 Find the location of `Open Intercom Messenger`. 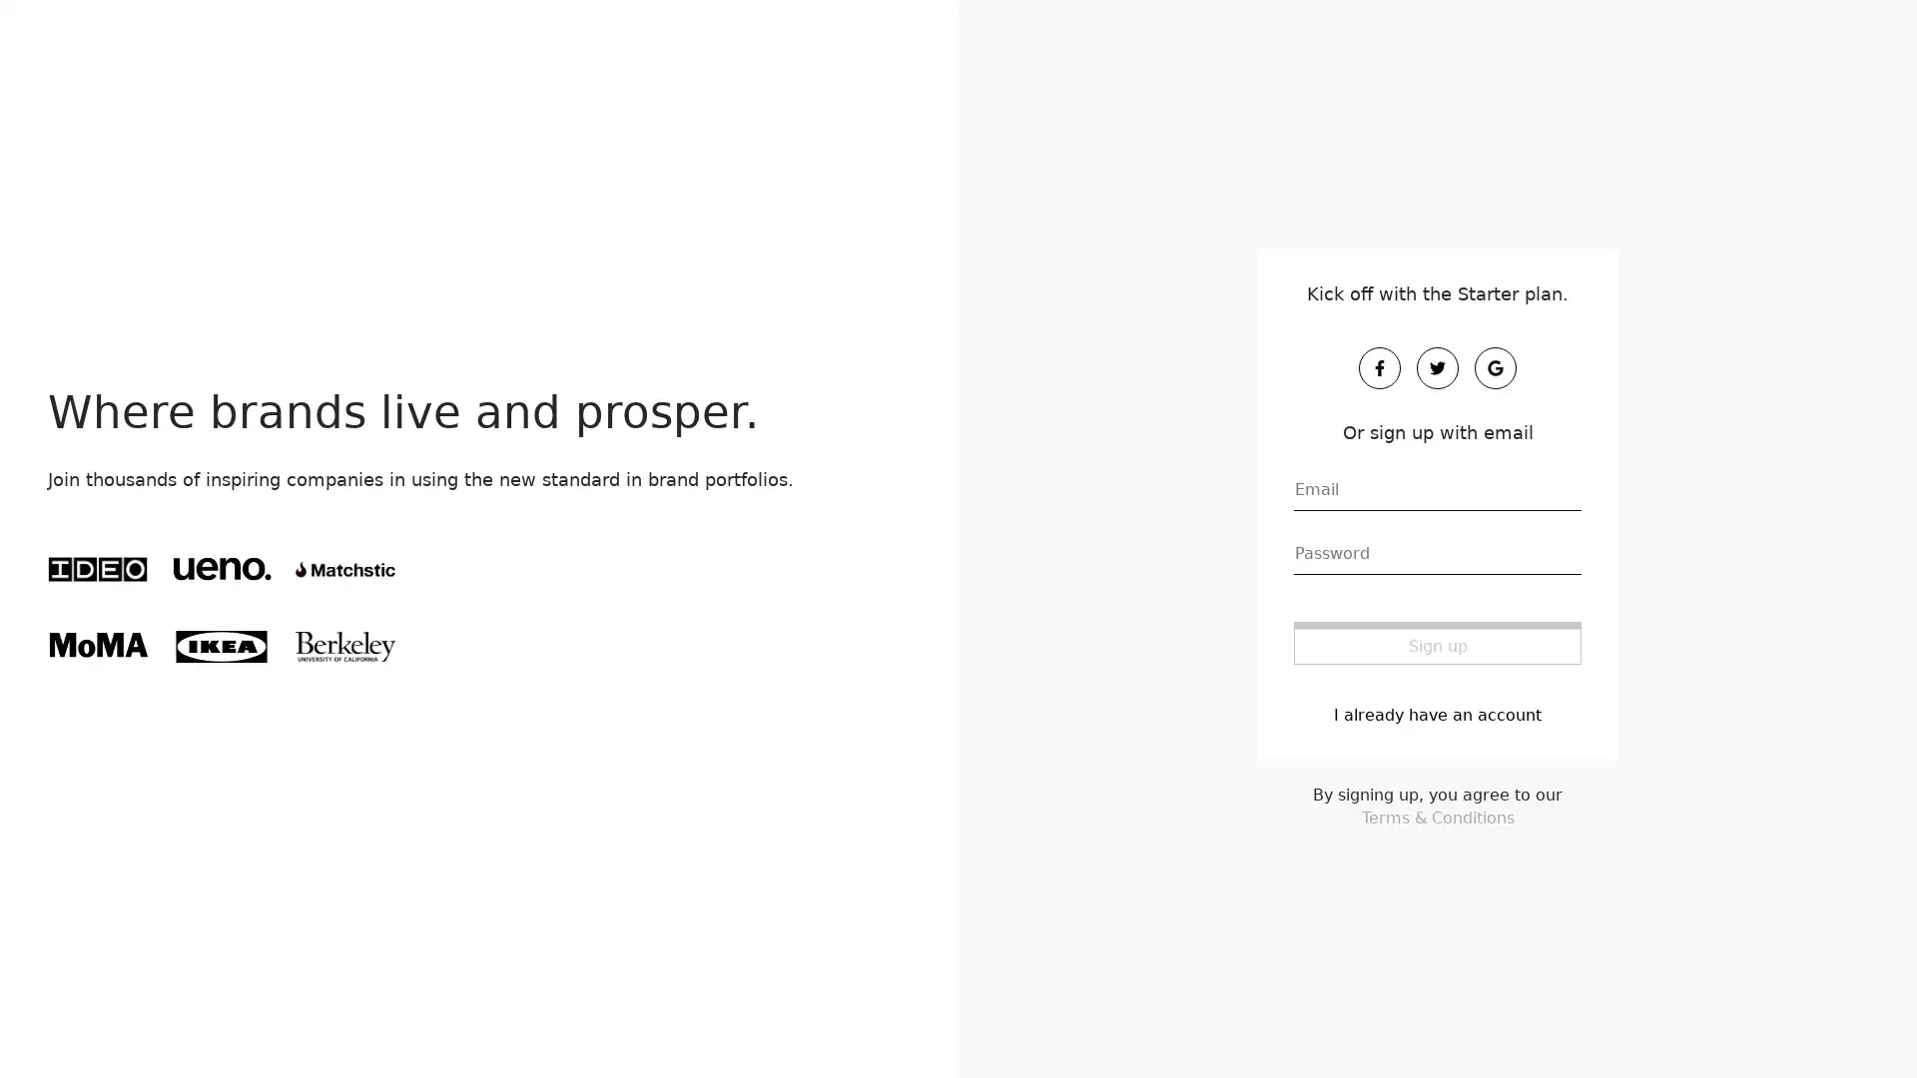

Open Intercom Messenger is located at coordinates (1866, 1027).